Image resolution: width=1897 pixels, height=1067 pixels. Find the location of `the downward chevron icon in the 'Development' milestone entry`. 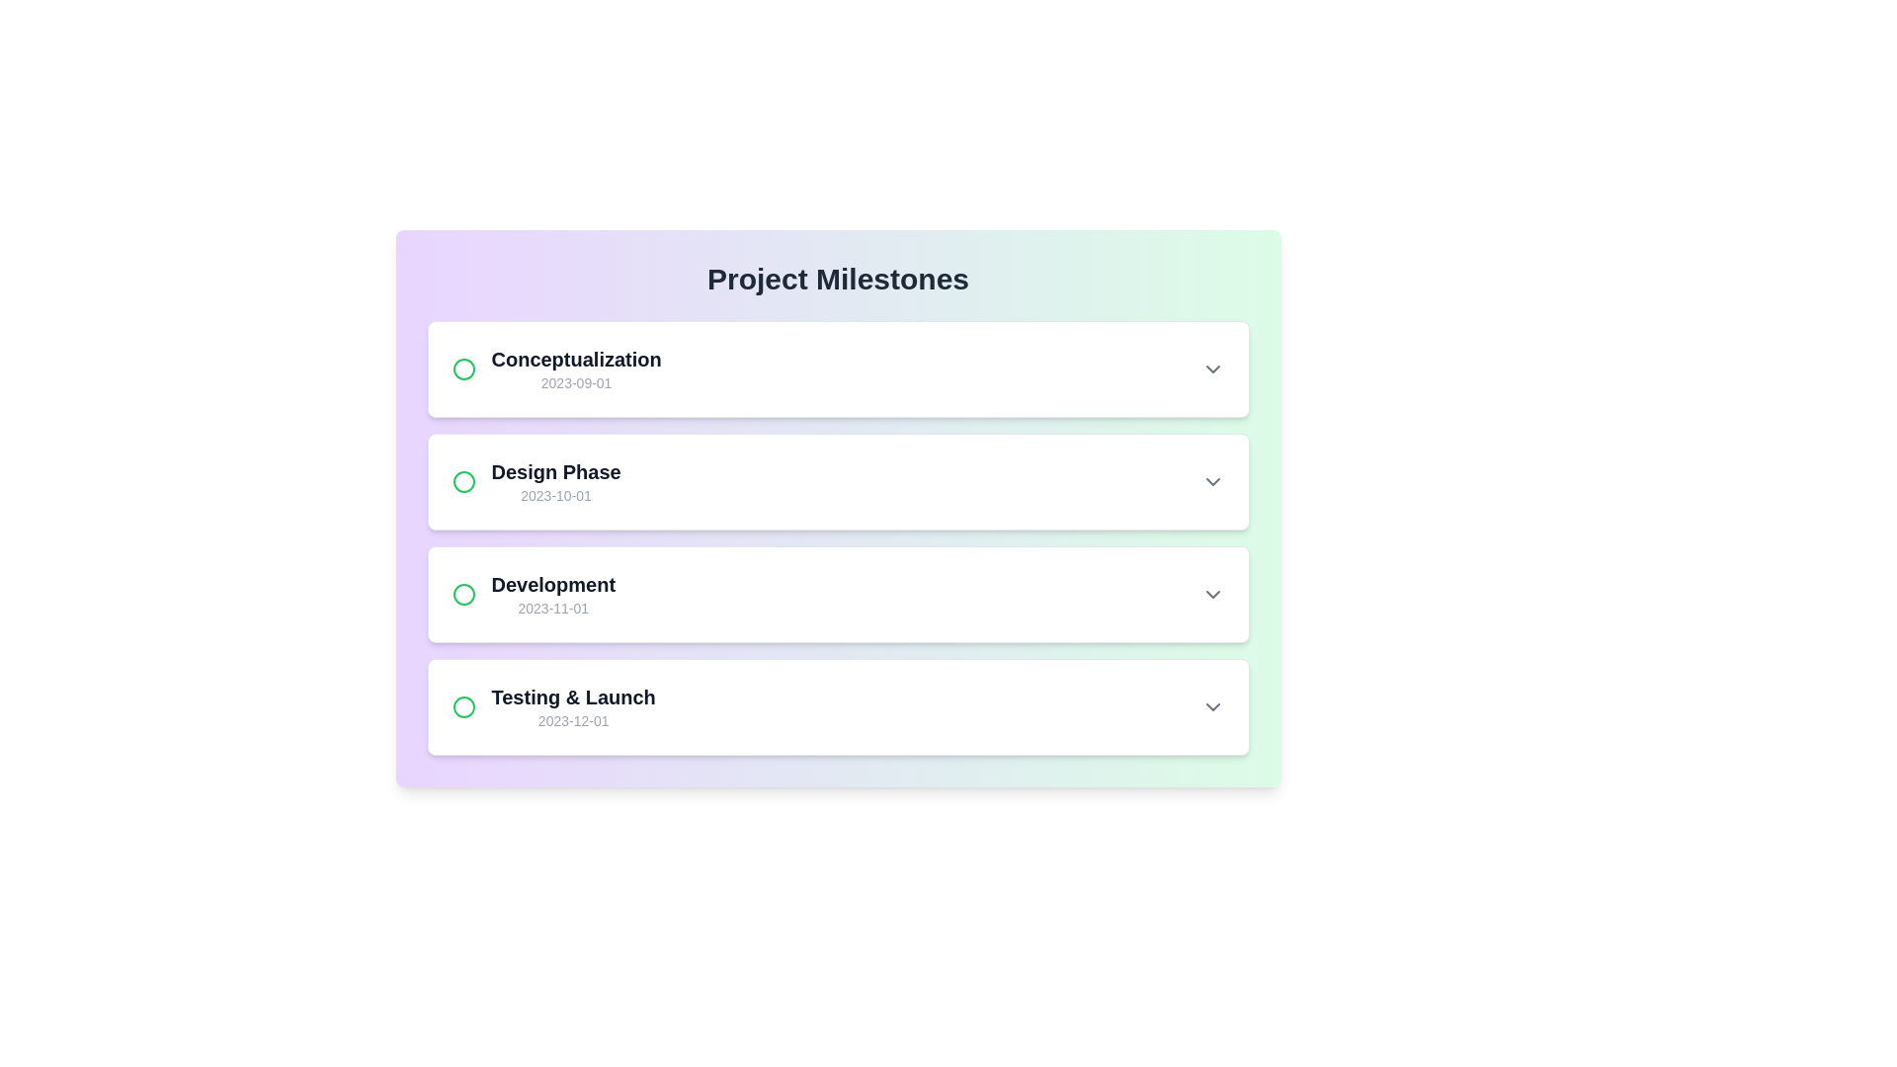

the downward chevron icon in the 'Development' milestone entry is located at coordinates (1211, 593).